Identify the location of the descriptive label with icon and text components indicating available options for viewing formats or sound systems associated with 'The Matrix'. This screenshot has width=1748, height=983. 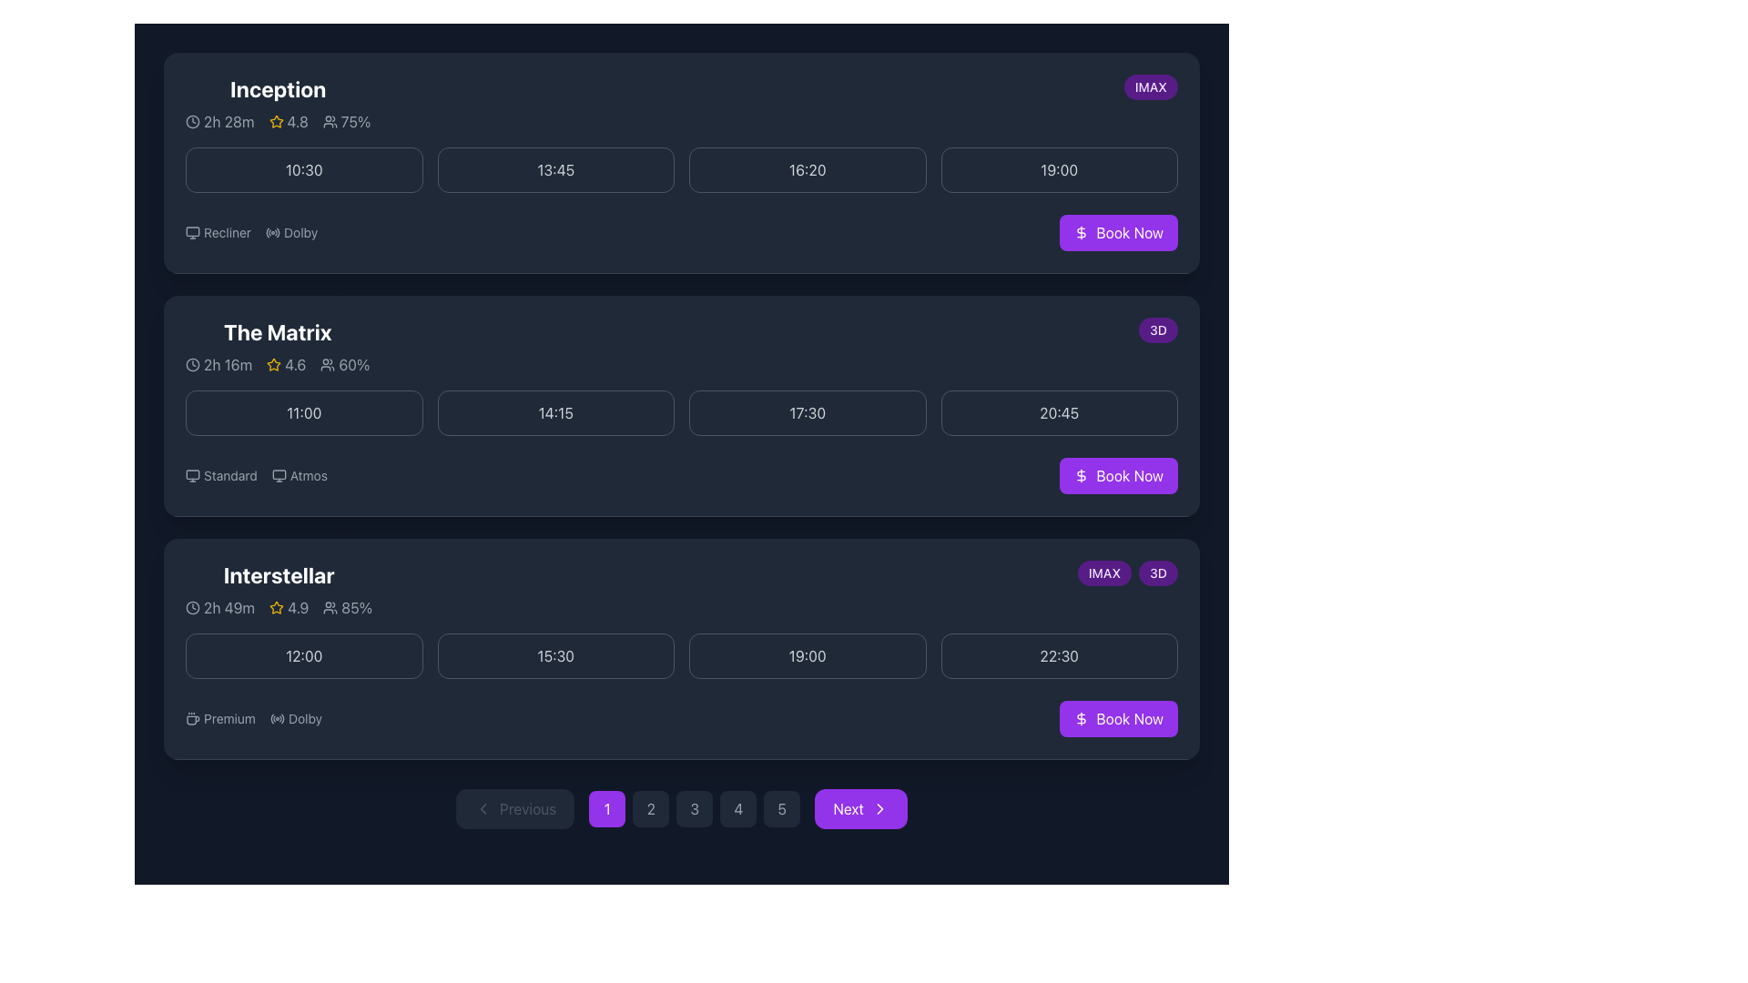
(255, 475).